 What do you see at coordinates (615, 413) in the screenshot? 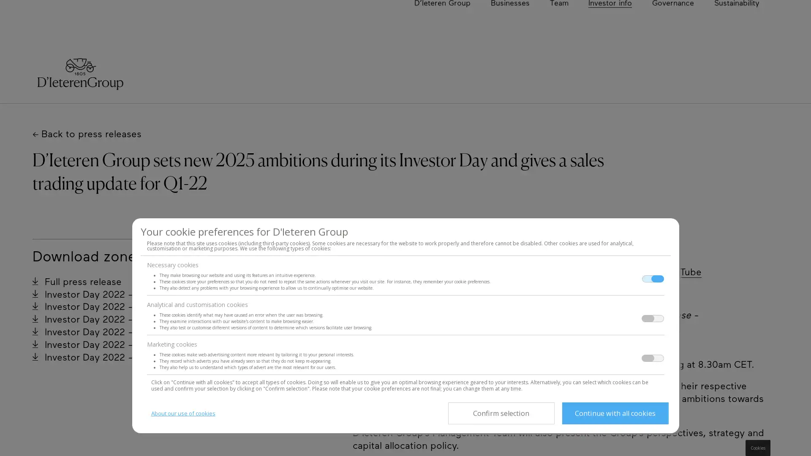
I see `Close Consent Modal` at bounding box center [615, 413].